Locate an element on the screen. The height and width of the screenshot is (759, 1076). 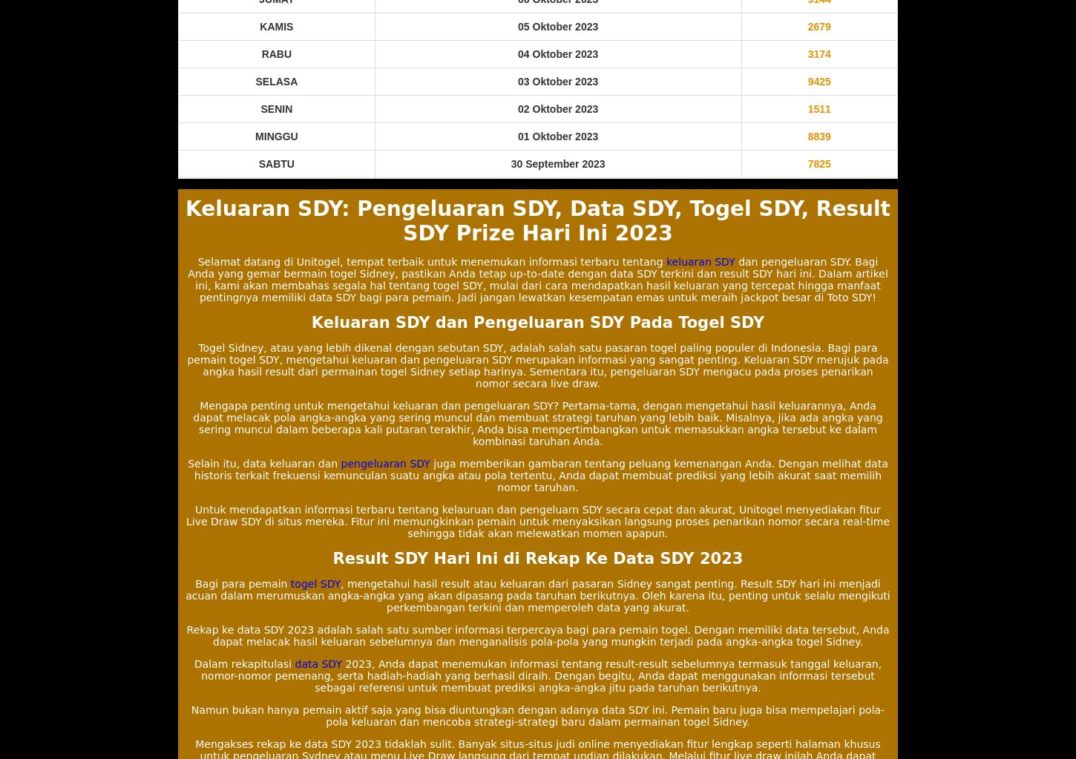
'juga memberikan gambaran tentang peluang kemenangan Anda. Dengan melihat data historis terkait frekuensi kemunculan suatu angka atau pola tertentu, Anda dapat membuat prediksi yang lebih akurat saat memilih nomor taruhan.' is located at coordinates (540, 474).